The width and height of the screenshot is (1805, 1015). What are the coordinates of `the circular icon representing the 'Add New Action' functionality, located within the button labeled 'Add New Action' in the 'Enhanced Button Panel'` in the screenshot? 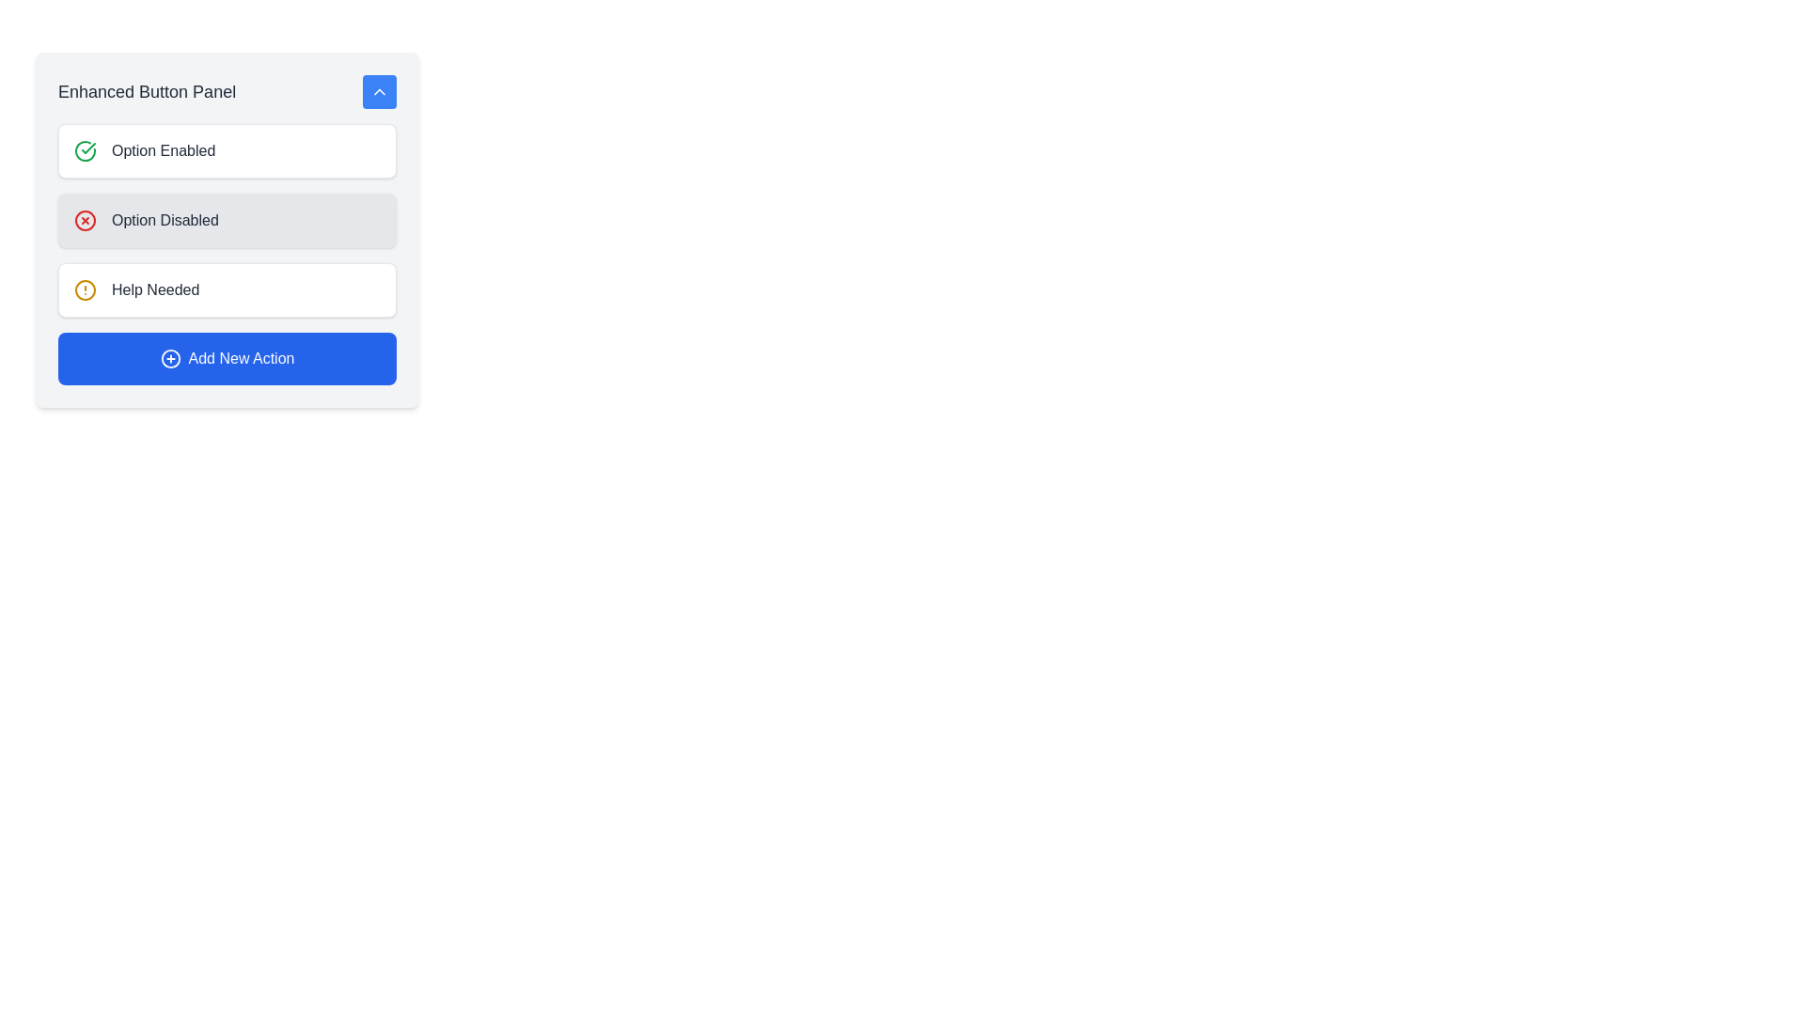 It's located at (170, 358).